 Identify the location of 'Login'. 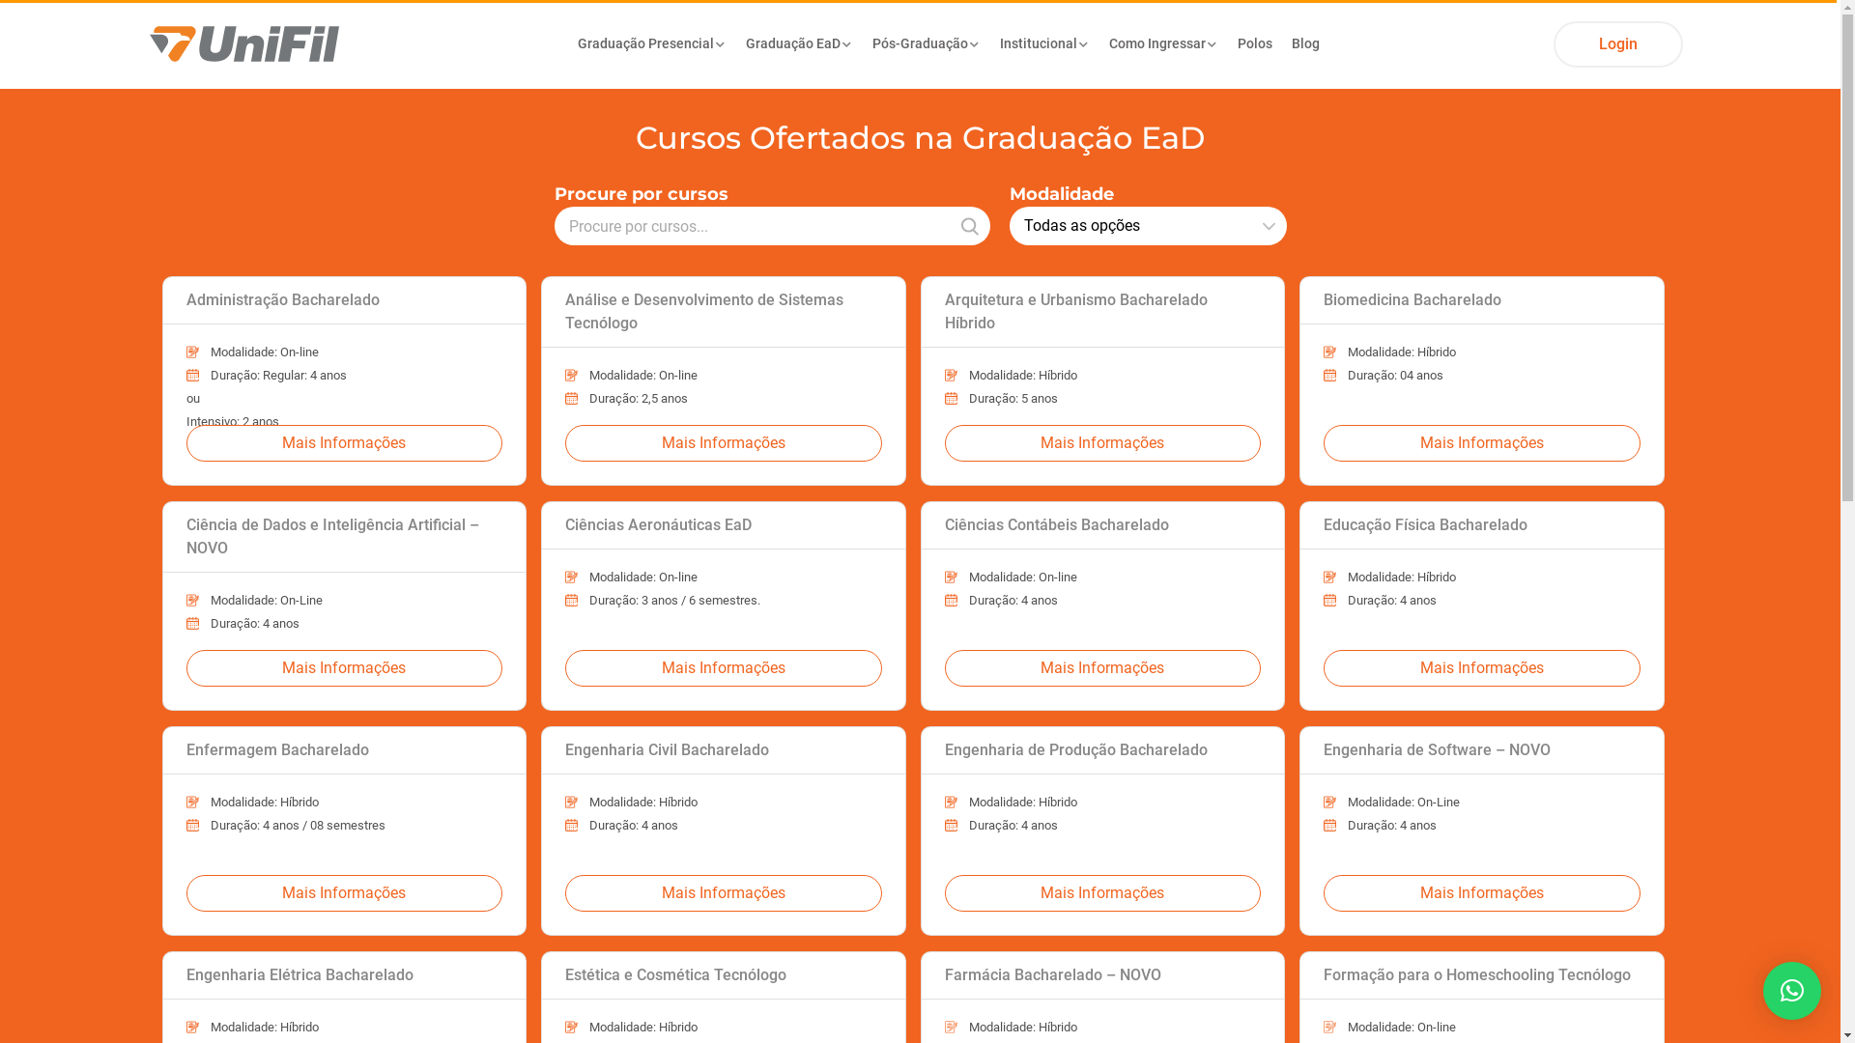
(1618, 43).